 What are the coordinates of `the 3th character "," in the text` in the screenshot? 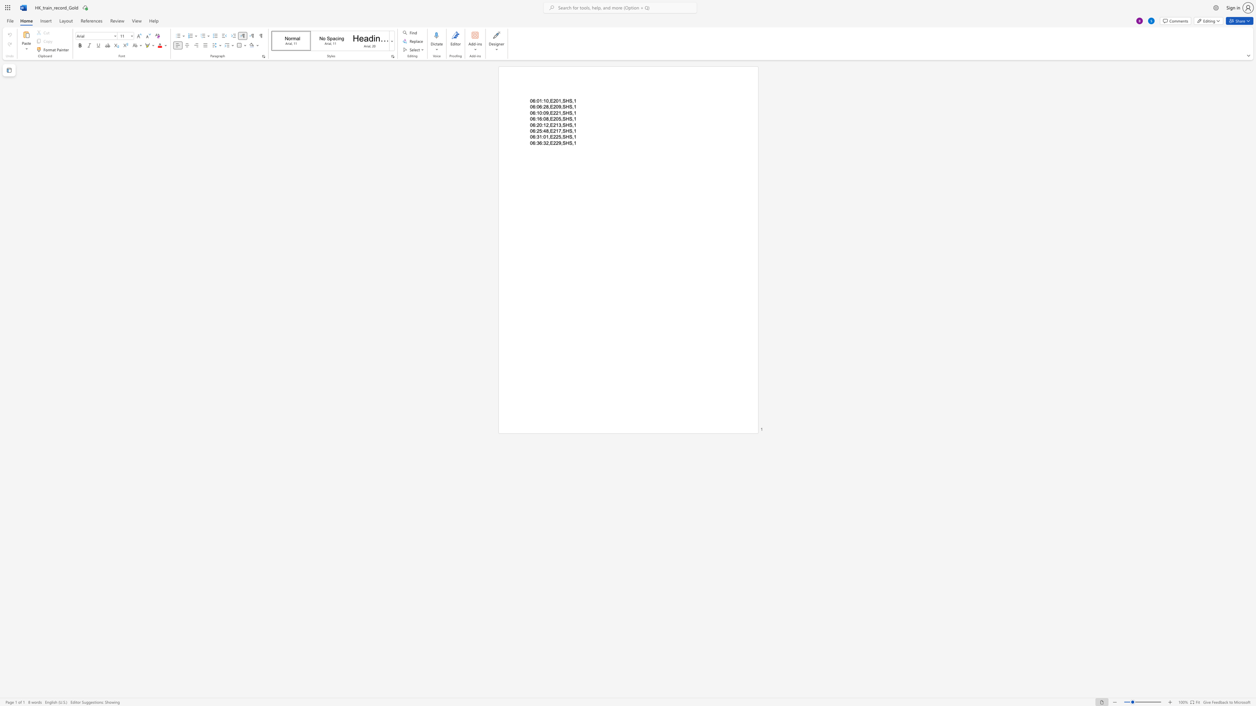 It's located at (573, 112).